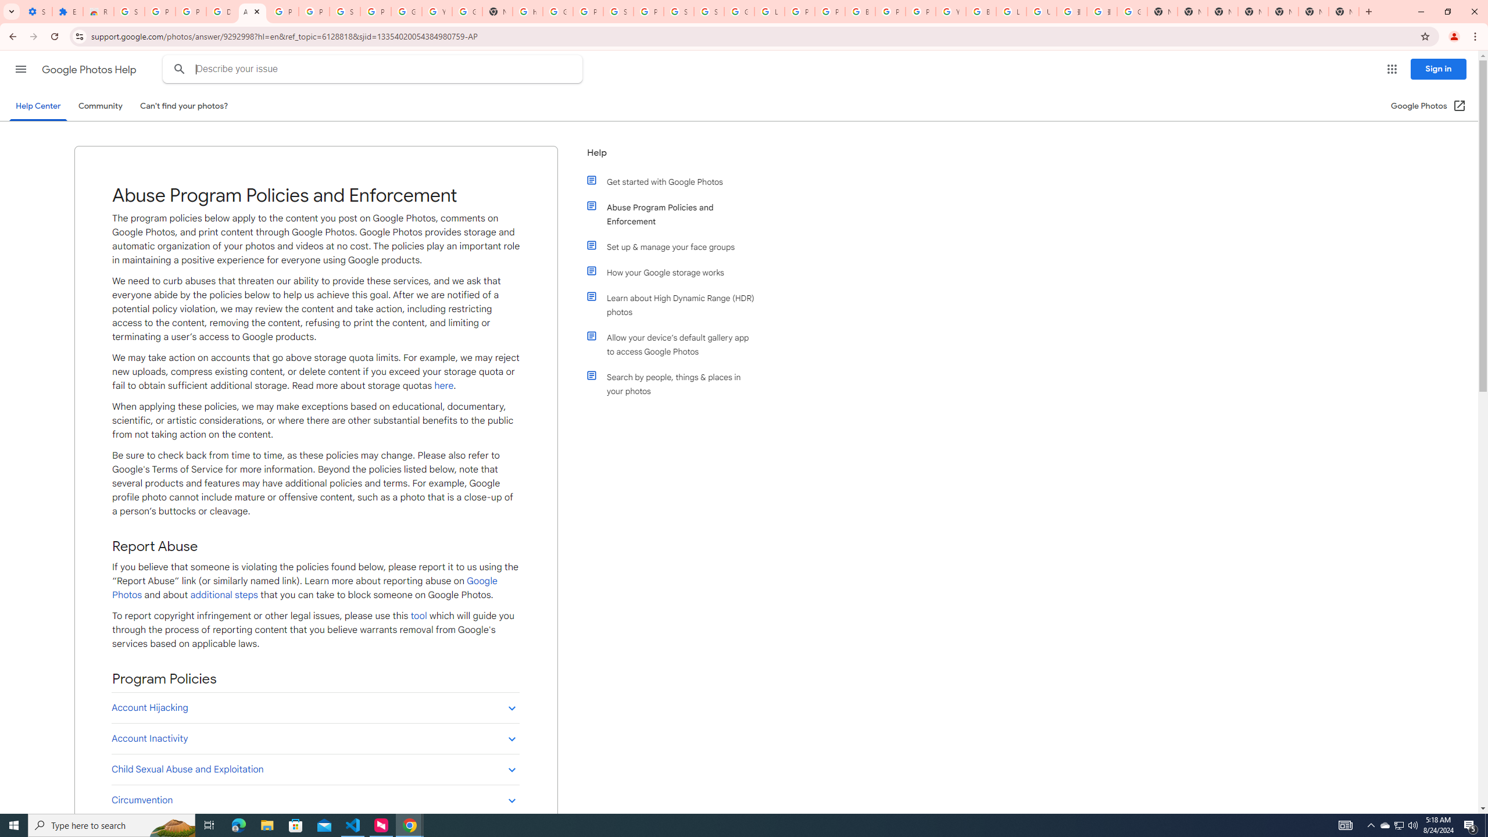 The image size is (1488, 837). Describe the element at coordinates (405, 11) in the screenshot. I see `'Google Account'` at that location.